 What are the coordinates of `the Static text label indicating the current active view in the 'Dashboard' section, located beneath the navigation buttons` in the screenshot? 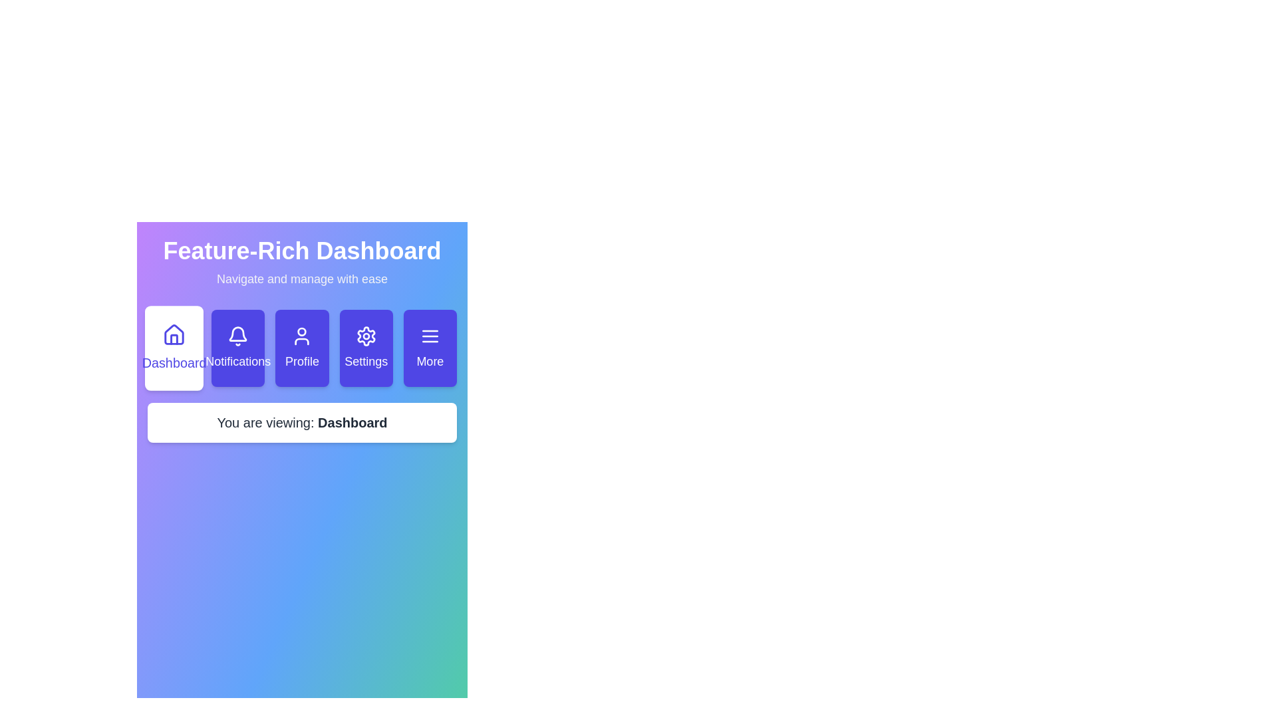 It's located at (301, 423).